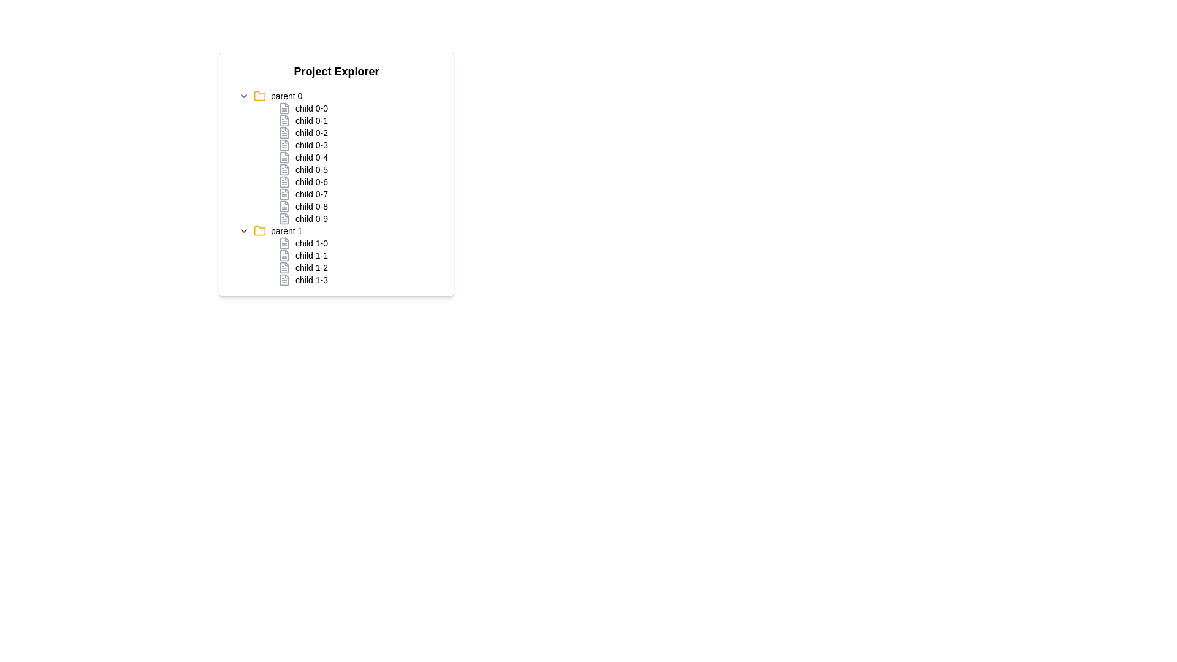 This screenshot has width=1177, height=662. Describe the element at coordinates (284, 157) in the screenshot. I see `the second icon representing a file or document` at that location.